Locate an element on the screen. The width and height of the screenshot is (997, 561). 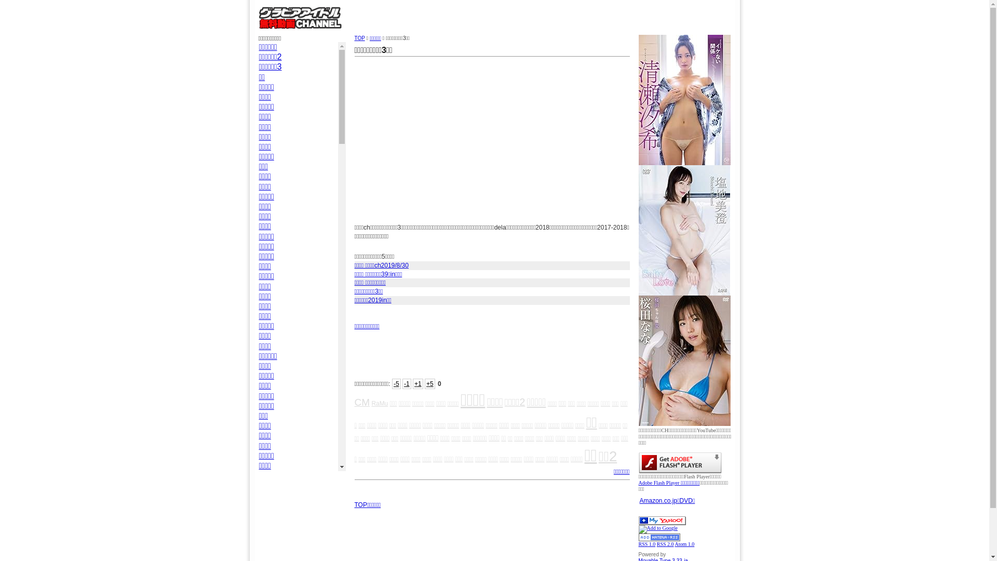
'RSS 1.0' is located at coordinates (638, 543).